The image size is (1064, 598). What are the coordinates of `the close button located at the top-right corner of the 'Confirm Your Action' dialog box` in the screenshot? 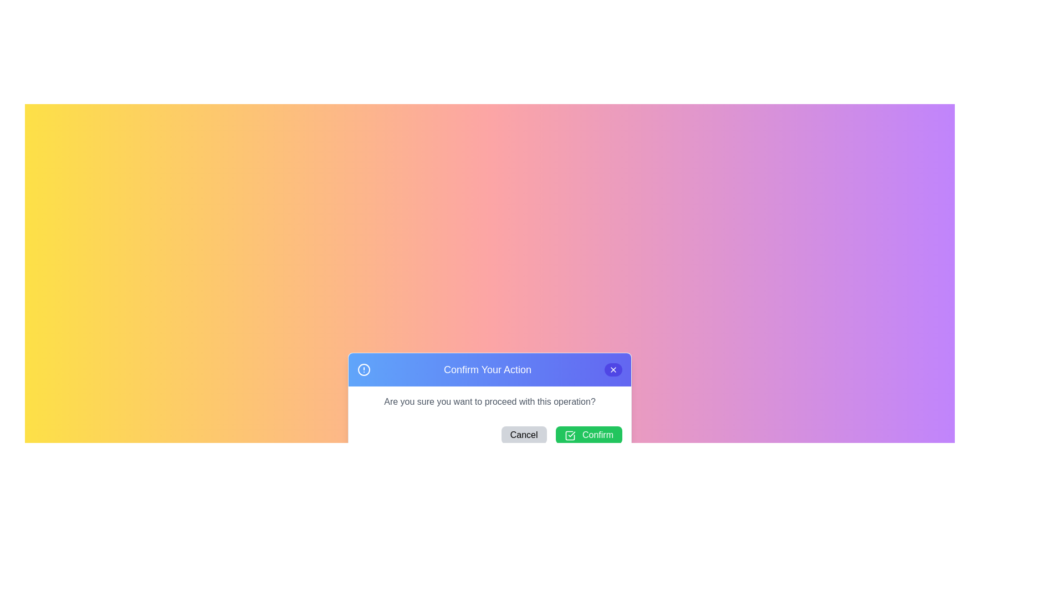 It's located at (613, 369).